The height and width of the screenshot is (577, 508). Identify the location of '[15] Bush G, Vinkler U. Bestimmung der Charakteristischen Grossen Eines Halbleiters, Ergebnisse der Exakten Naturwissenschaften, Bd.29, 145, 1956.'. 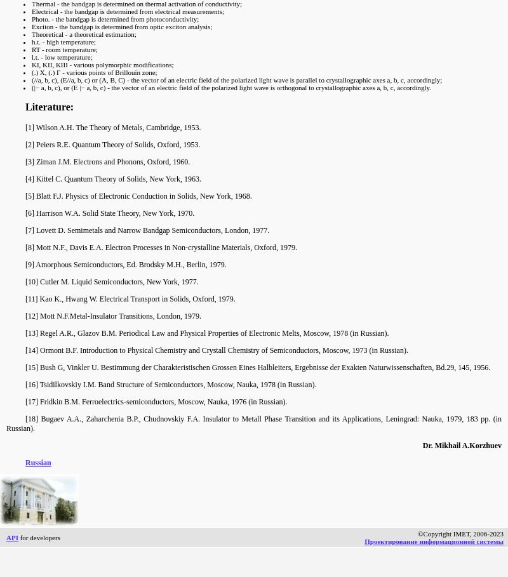
(257, 367).